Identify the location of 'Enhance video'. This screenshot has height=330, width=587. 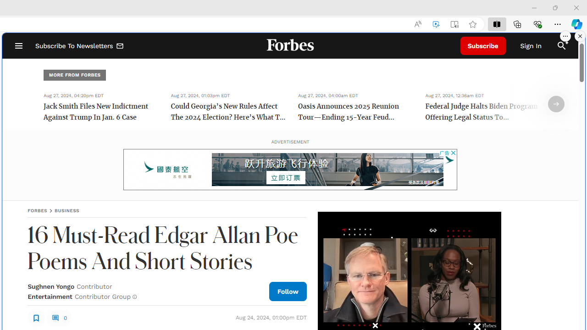
(436, 24).